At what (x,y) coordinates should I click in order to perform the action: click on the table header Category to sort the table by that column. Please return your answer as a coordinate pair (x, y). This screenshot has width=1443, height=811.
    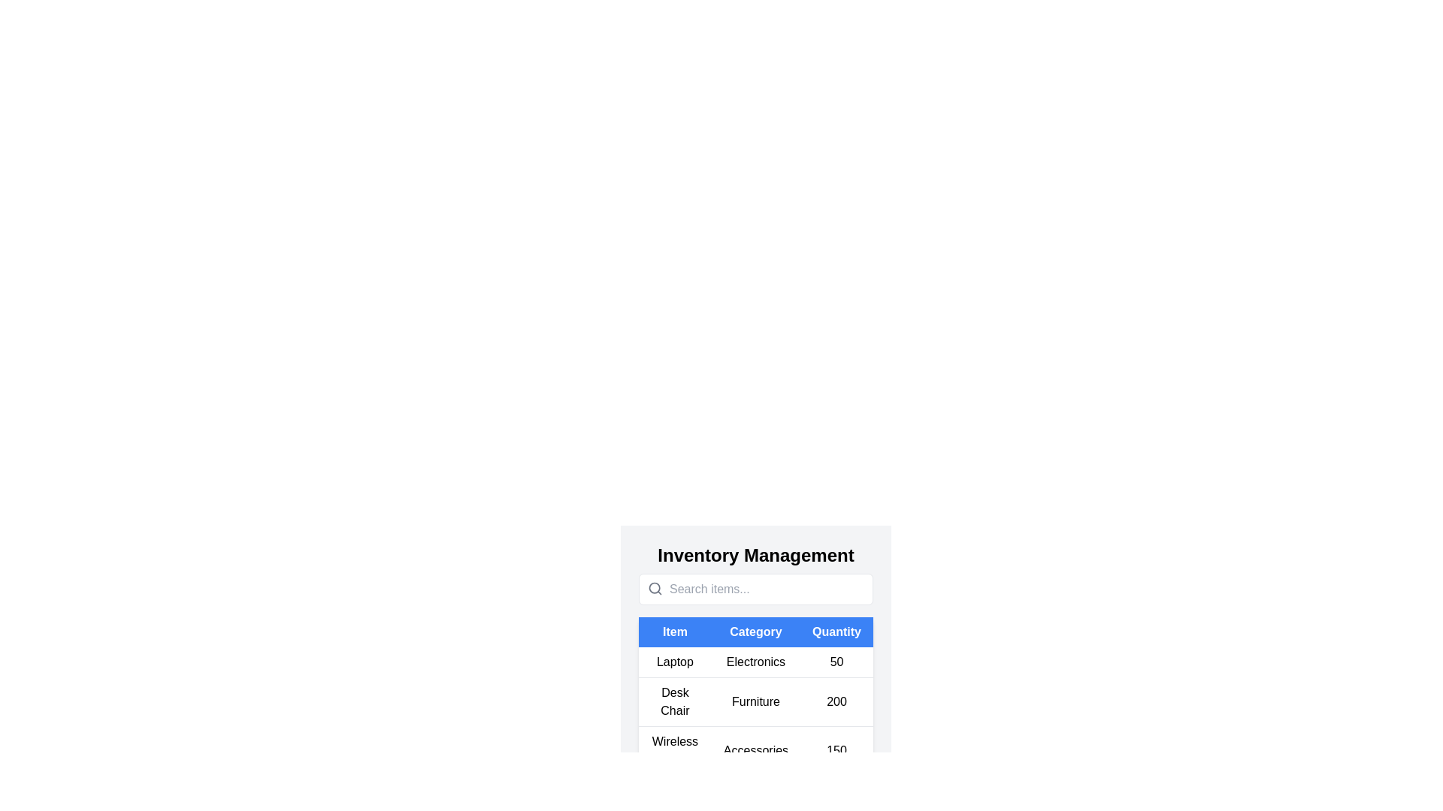
    Looking at the image, I should click on (756, 632).